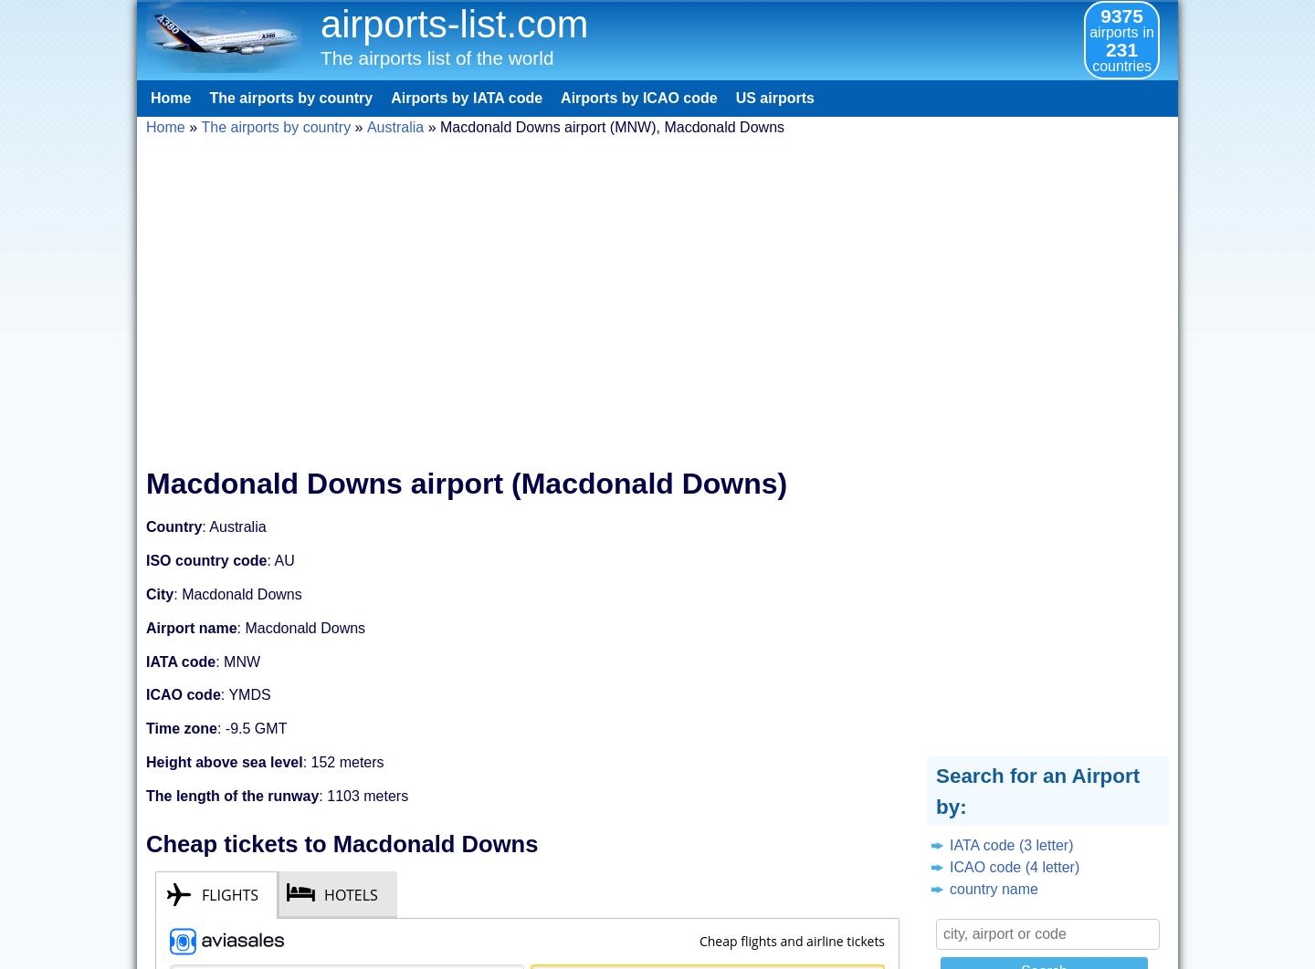 The width and height of the screenshot is (1315, 969). What do you see at coordinates (394, 127) in the screenshot?
I see `'Australia'` at bounding box center [394, 127].